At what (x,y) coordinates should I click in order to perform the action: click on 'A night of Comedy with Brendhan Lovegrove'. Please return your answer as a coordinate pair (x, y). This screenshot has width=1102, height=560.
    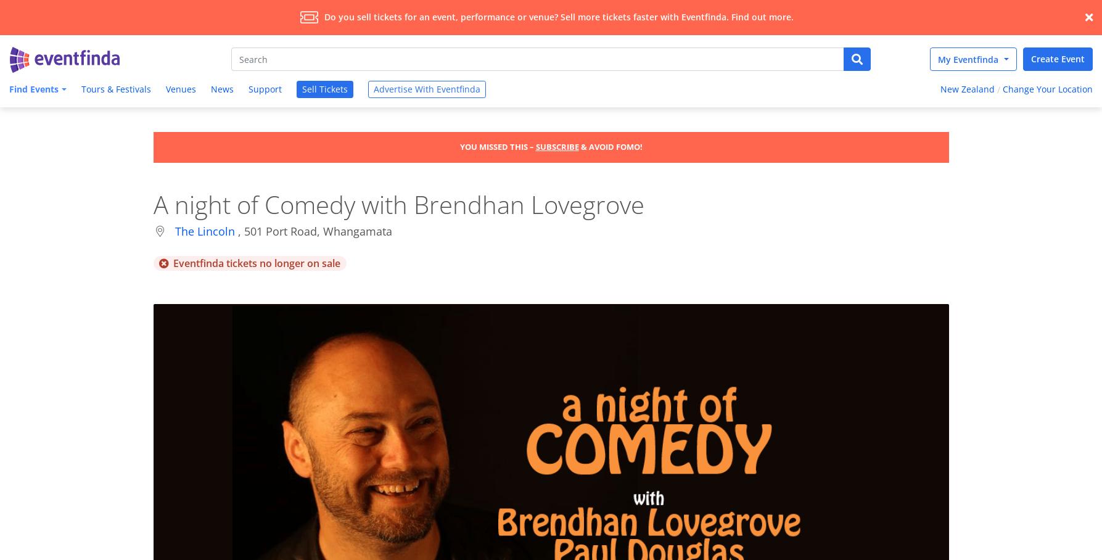
    Looking at the image, I should click on (152, 203).